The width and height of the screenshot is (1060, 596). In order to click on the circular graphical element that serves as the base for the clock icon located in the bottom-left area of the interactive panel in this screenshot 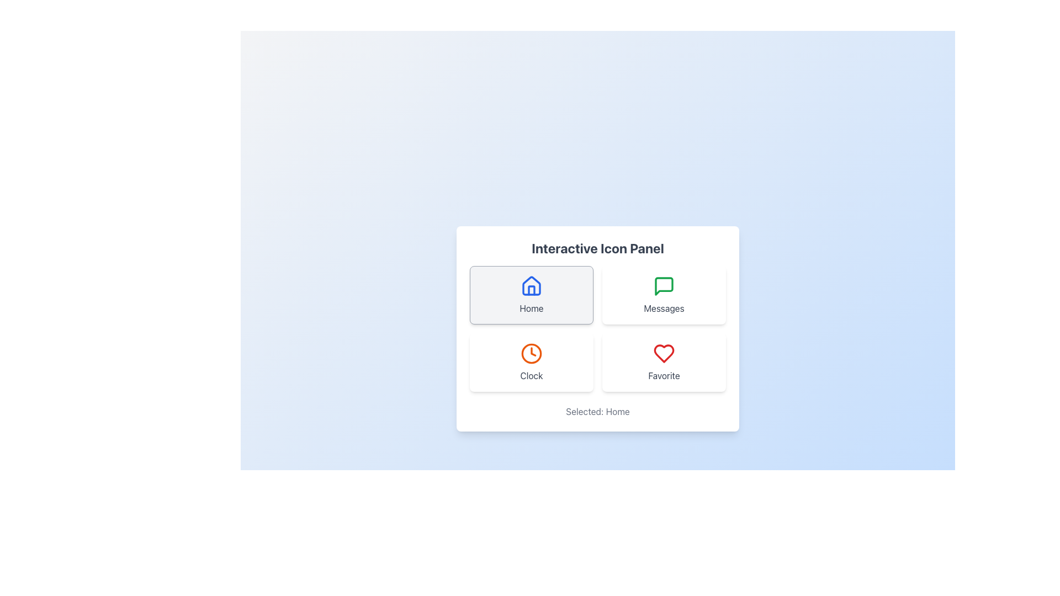, I will do `click(532, 353)`.